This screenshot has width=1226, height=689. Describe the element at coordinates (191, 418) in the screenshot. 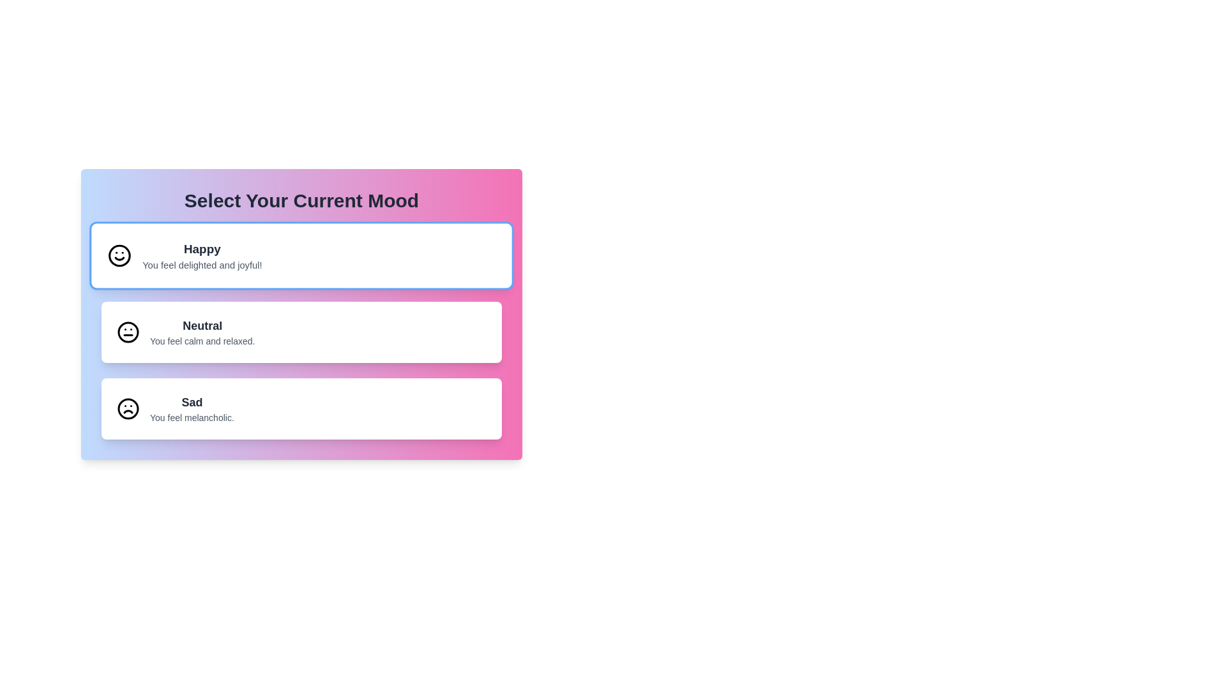

I see `the text label displaying 'You feel melancholic.' which is located below the title 'Sad'` at that location.